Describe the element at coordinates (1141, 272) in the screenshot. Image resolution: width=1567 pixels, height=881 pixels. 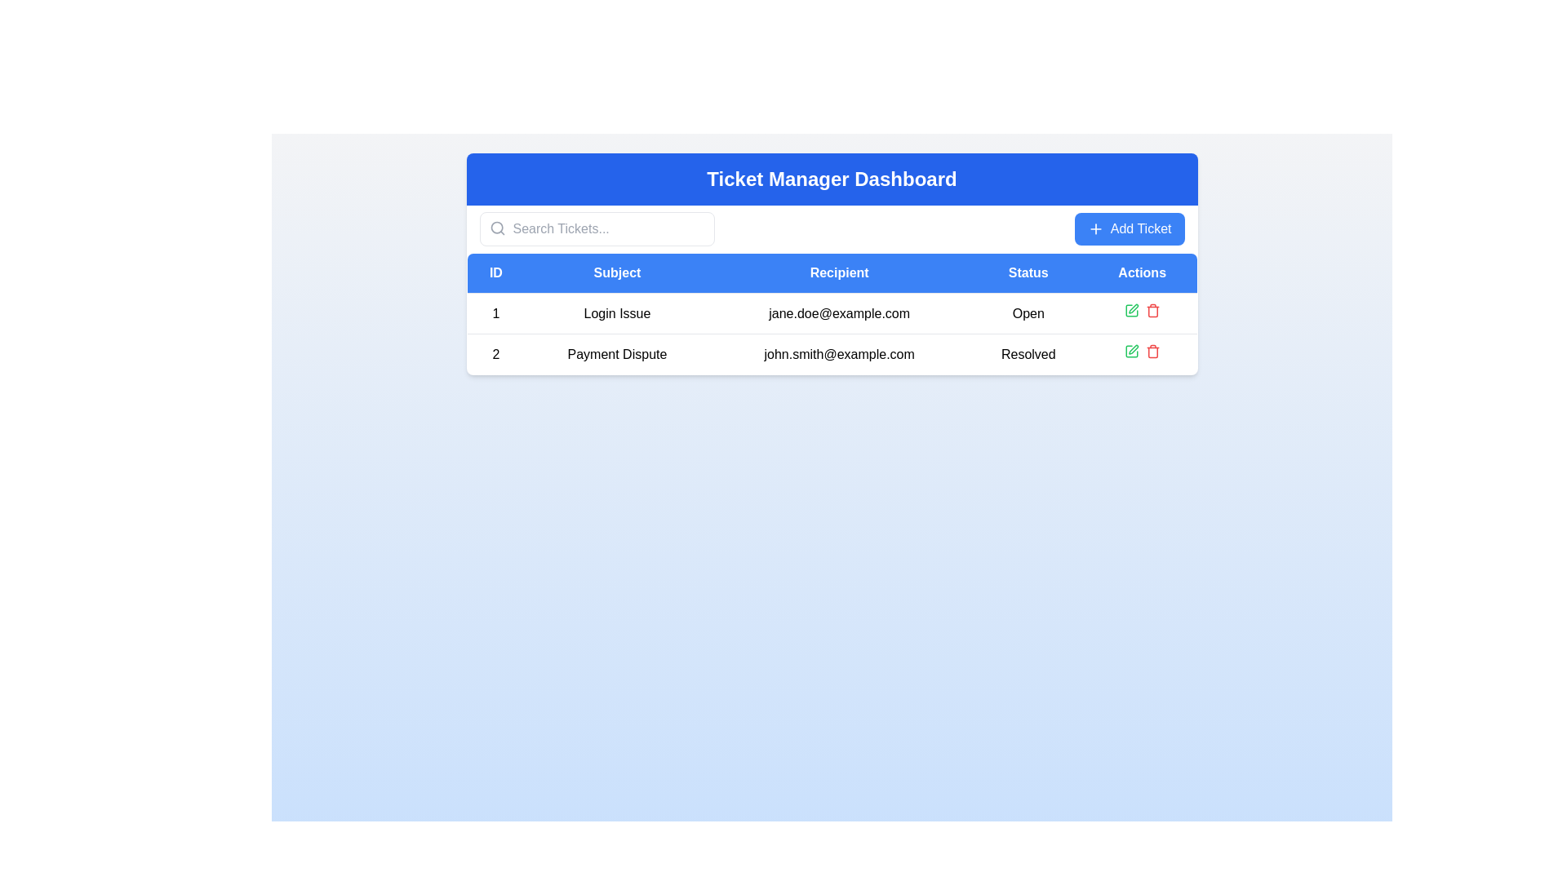
I see `the 'Actions' column header, which is the fifth and last column header of the table, located to the far right adjacent to the 'Status' column` at that location.